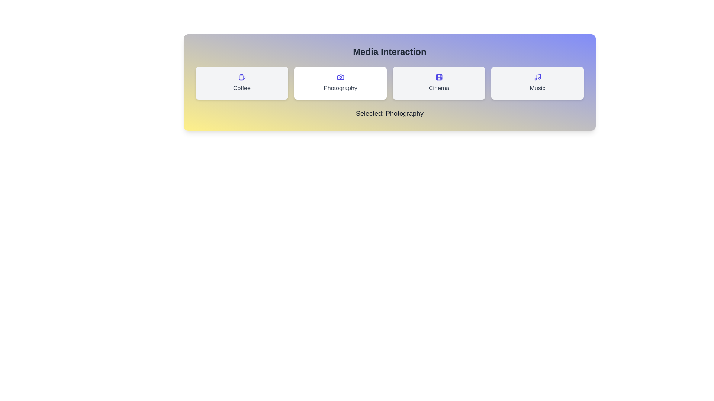  Describe the element at coordinates (340, 77) in the screenshot. I see `the photography icon located to the left of the text label 'Photography' in the second button of a horizontal row of four buttons` at that location.